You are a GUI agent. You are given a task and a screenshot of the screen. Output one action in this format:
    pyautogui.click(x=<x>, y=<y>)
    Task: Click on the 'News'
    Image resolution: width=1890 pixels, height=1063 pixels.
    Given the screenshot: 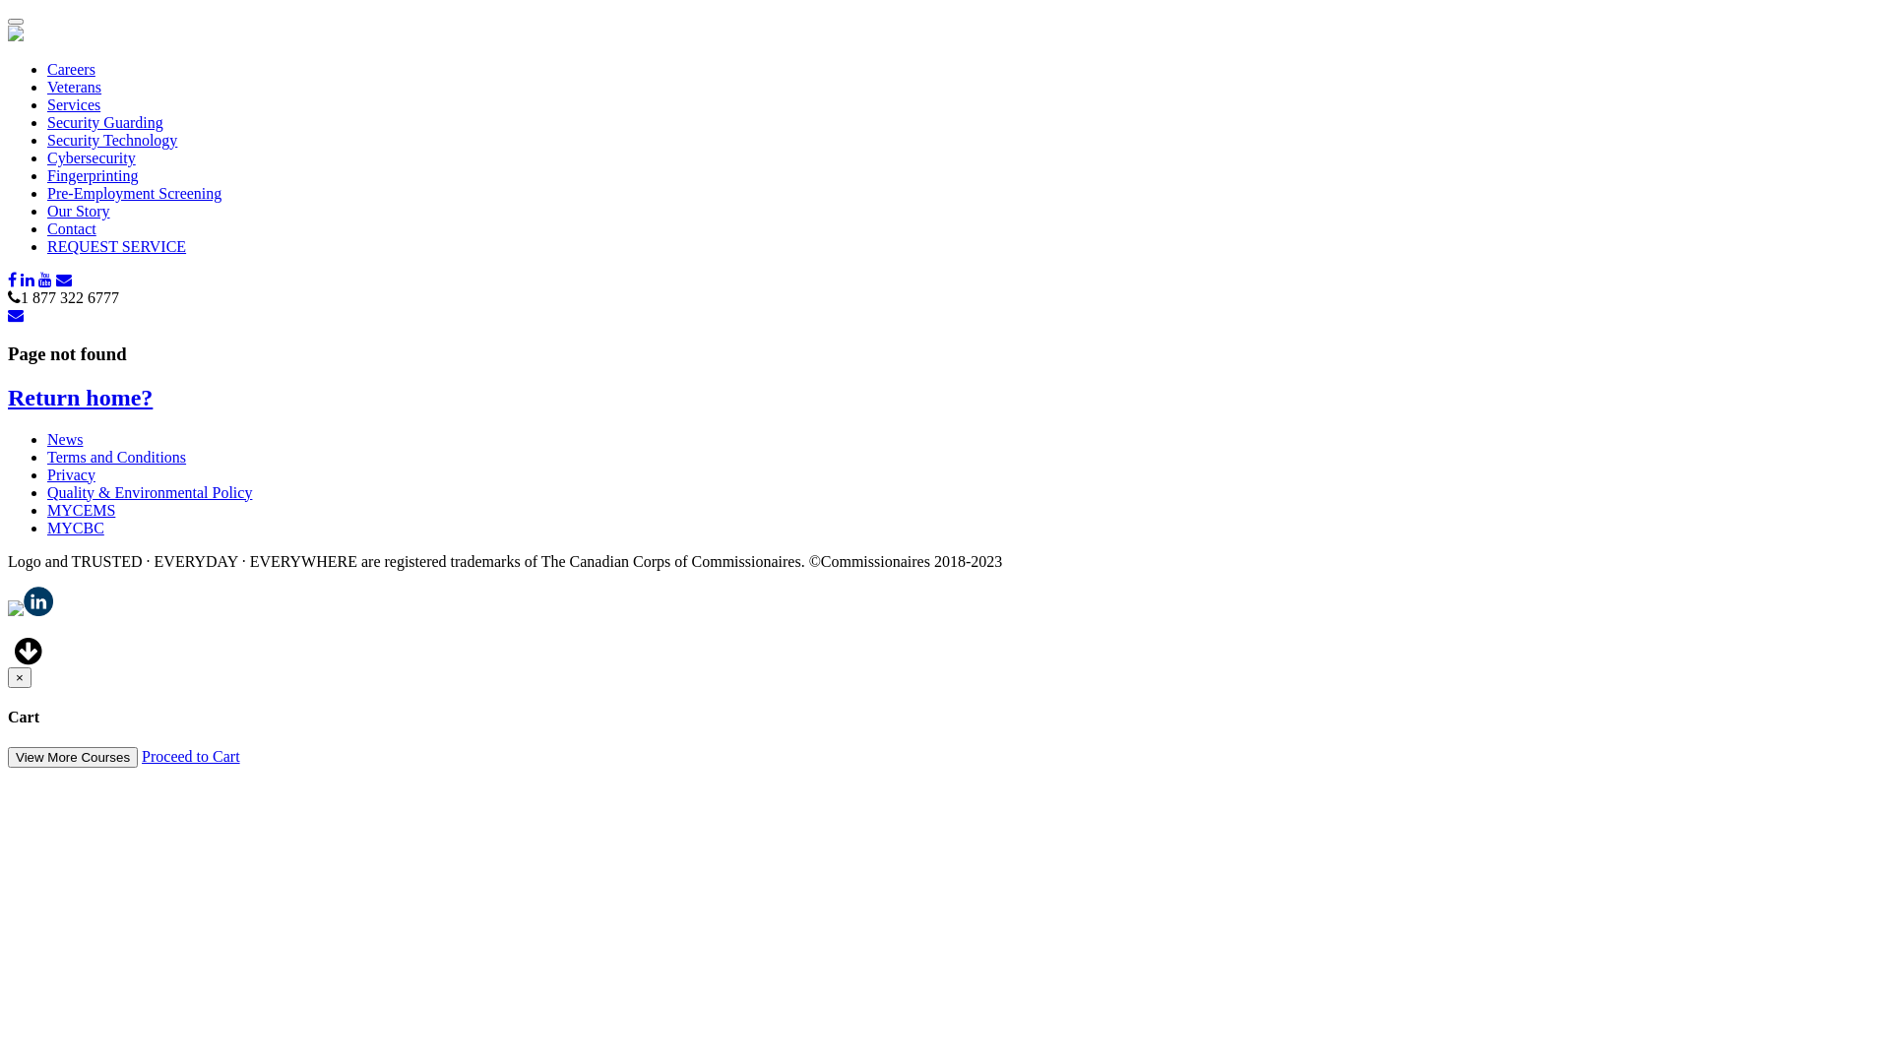 What is the action you would take?
    pyautogui.click(x=65, y=438)
    